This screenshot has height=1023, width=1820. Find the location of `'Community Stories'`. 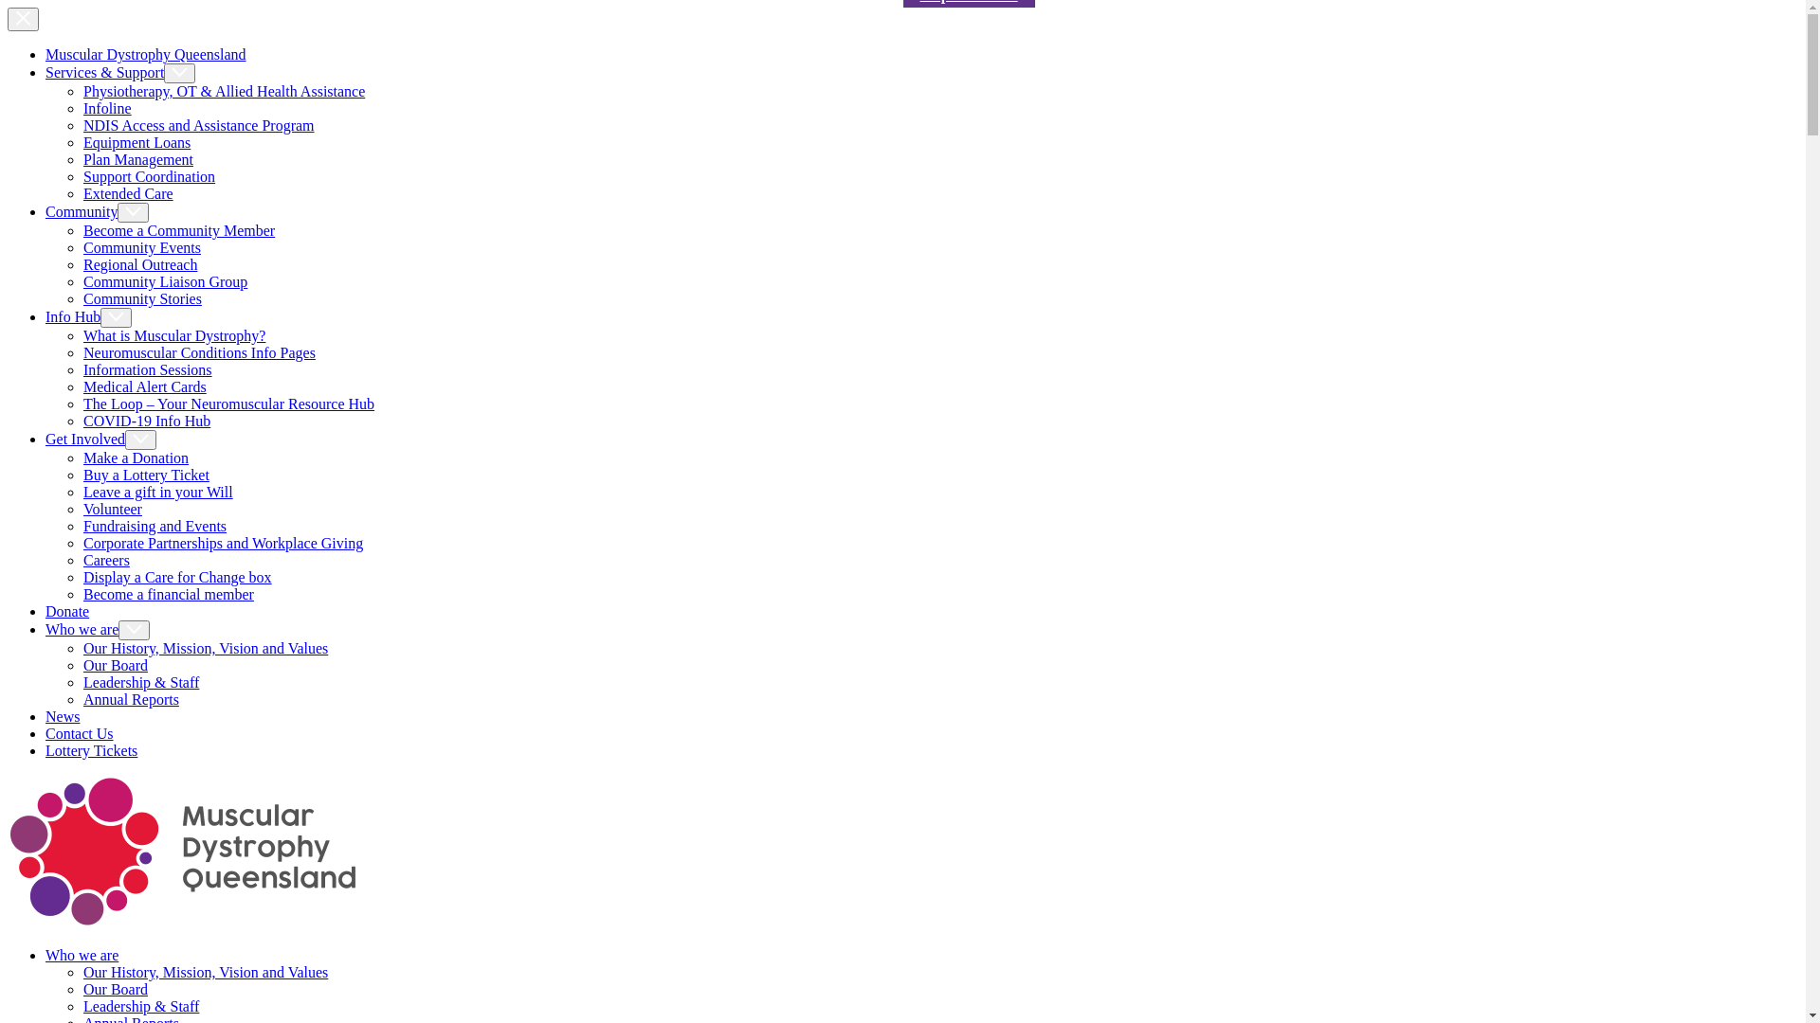

'Community Stories' is located at coordinates (141, 298).